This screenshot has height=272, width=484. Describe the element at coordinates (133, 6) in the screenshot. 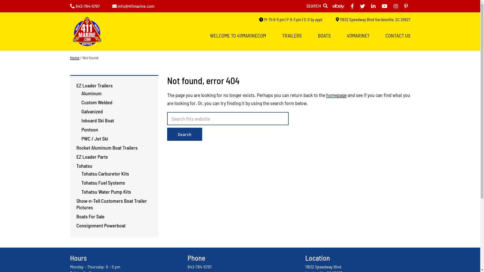

I see `'info@411marine.com'` at that location.